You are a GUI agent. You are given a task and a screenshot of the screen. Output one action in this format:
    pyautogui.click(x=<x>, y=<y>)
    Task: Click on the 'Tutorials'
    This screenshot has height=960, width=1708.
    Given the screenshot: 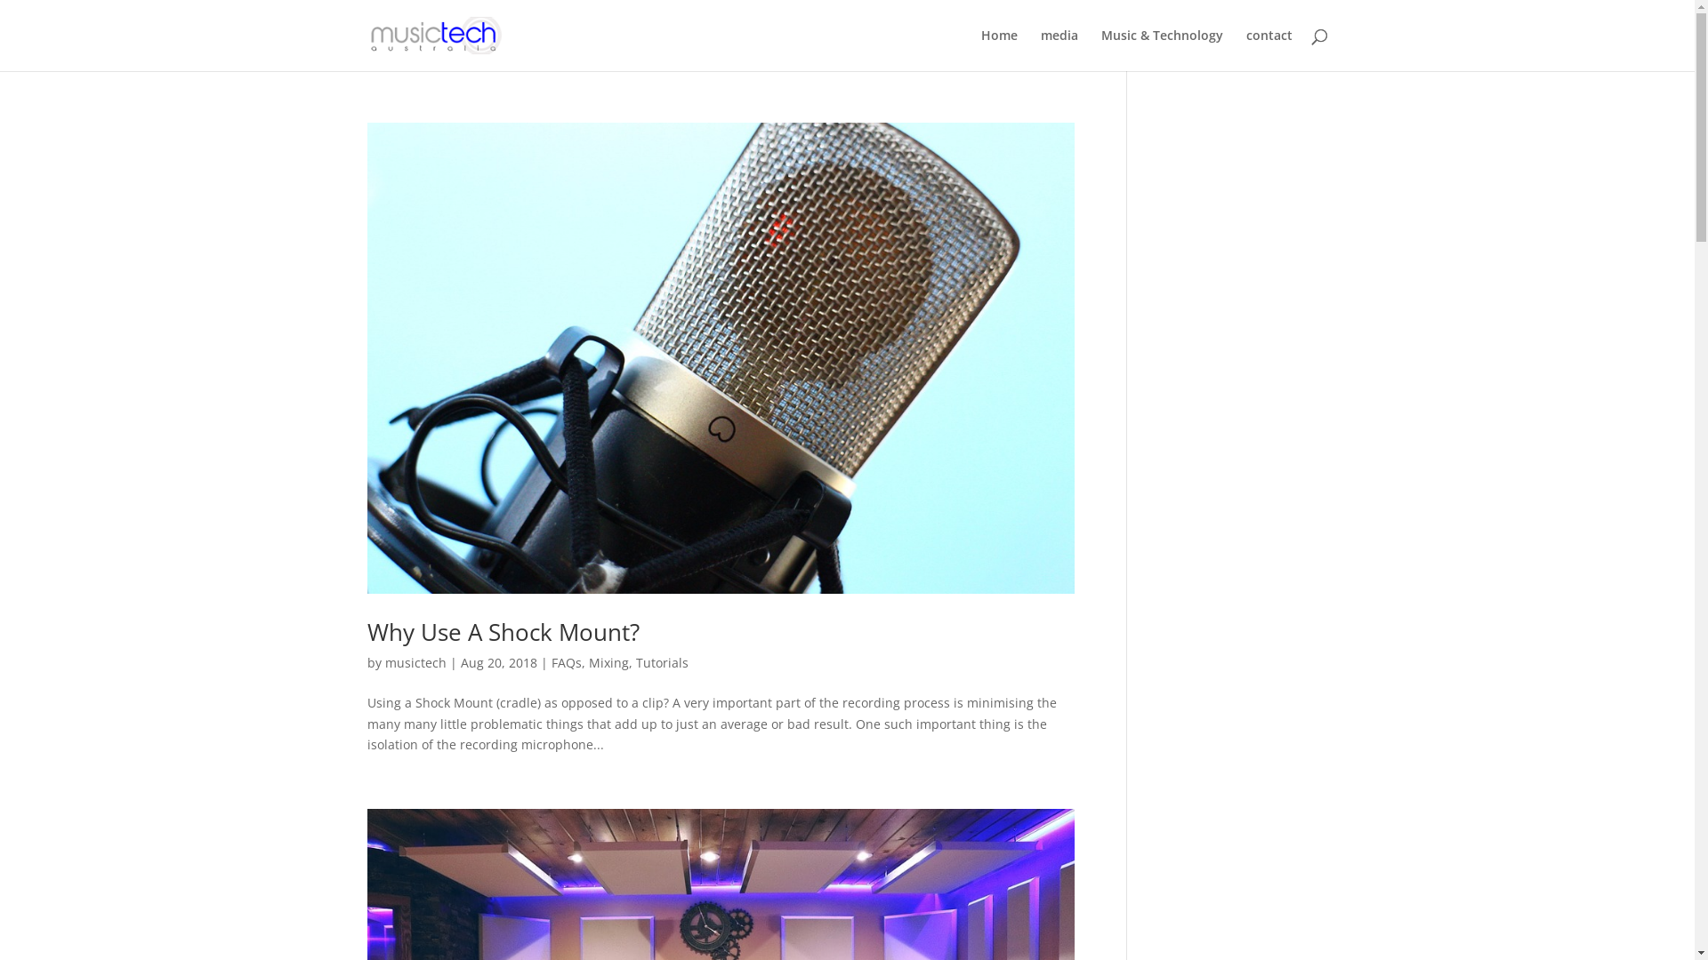 What is the action you would take?
    pyautogui.click(x=660, y=662)
    